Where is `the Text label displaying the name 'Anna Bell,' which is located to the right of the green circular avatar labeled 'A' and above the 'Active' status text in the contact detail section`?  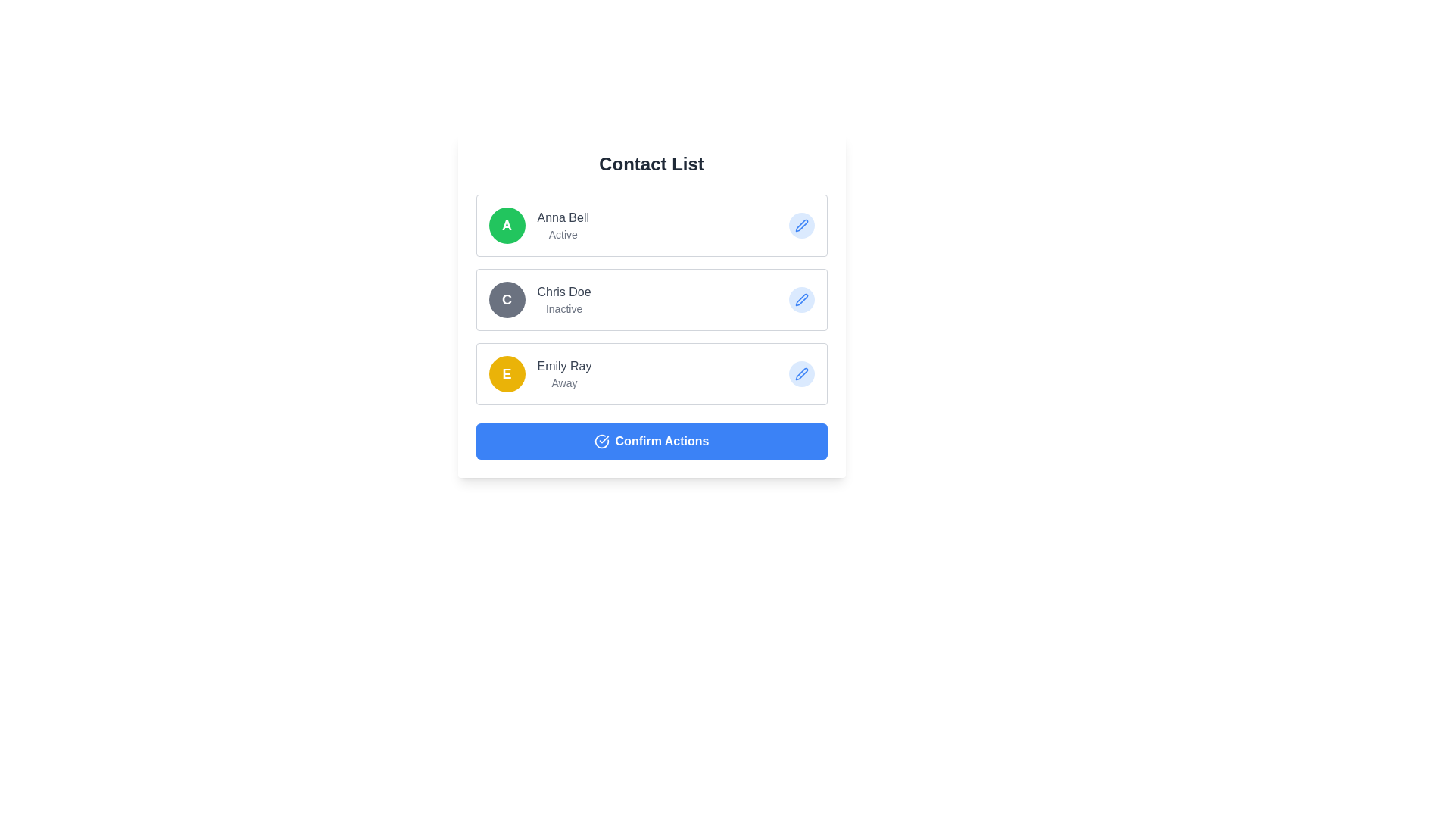
the Text label displaying the name 'Anna Bell,' which is located to the right of the green circular avatar labeled 'A' and above the 'Active' status text in the contact detail section is located at coordinates (562, 218).